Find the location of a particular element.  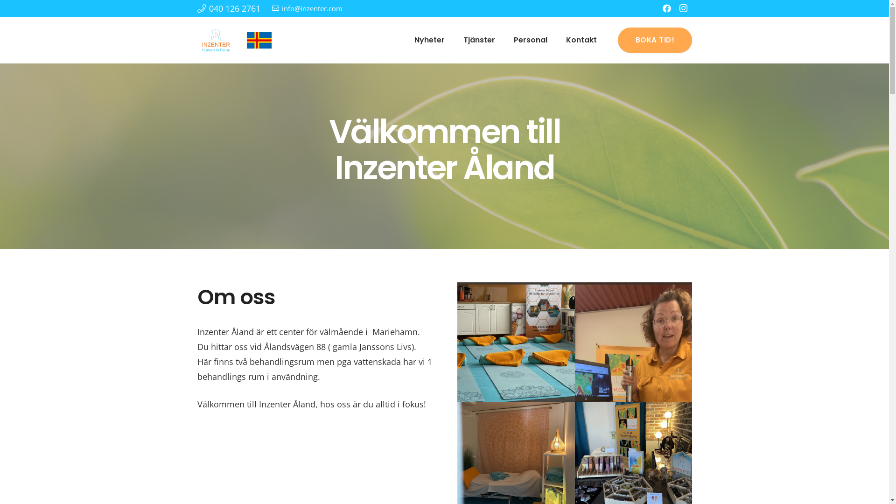

'Nyheter' is located at coordinates (429, 39).